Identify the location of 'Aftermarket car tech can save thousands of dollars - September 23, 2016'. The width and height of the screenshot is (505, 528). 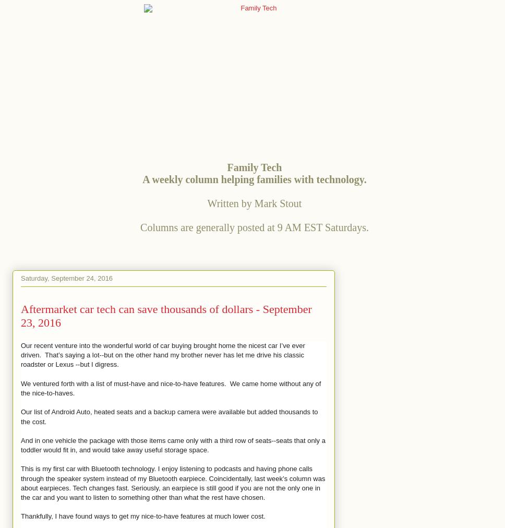
(165, 315).